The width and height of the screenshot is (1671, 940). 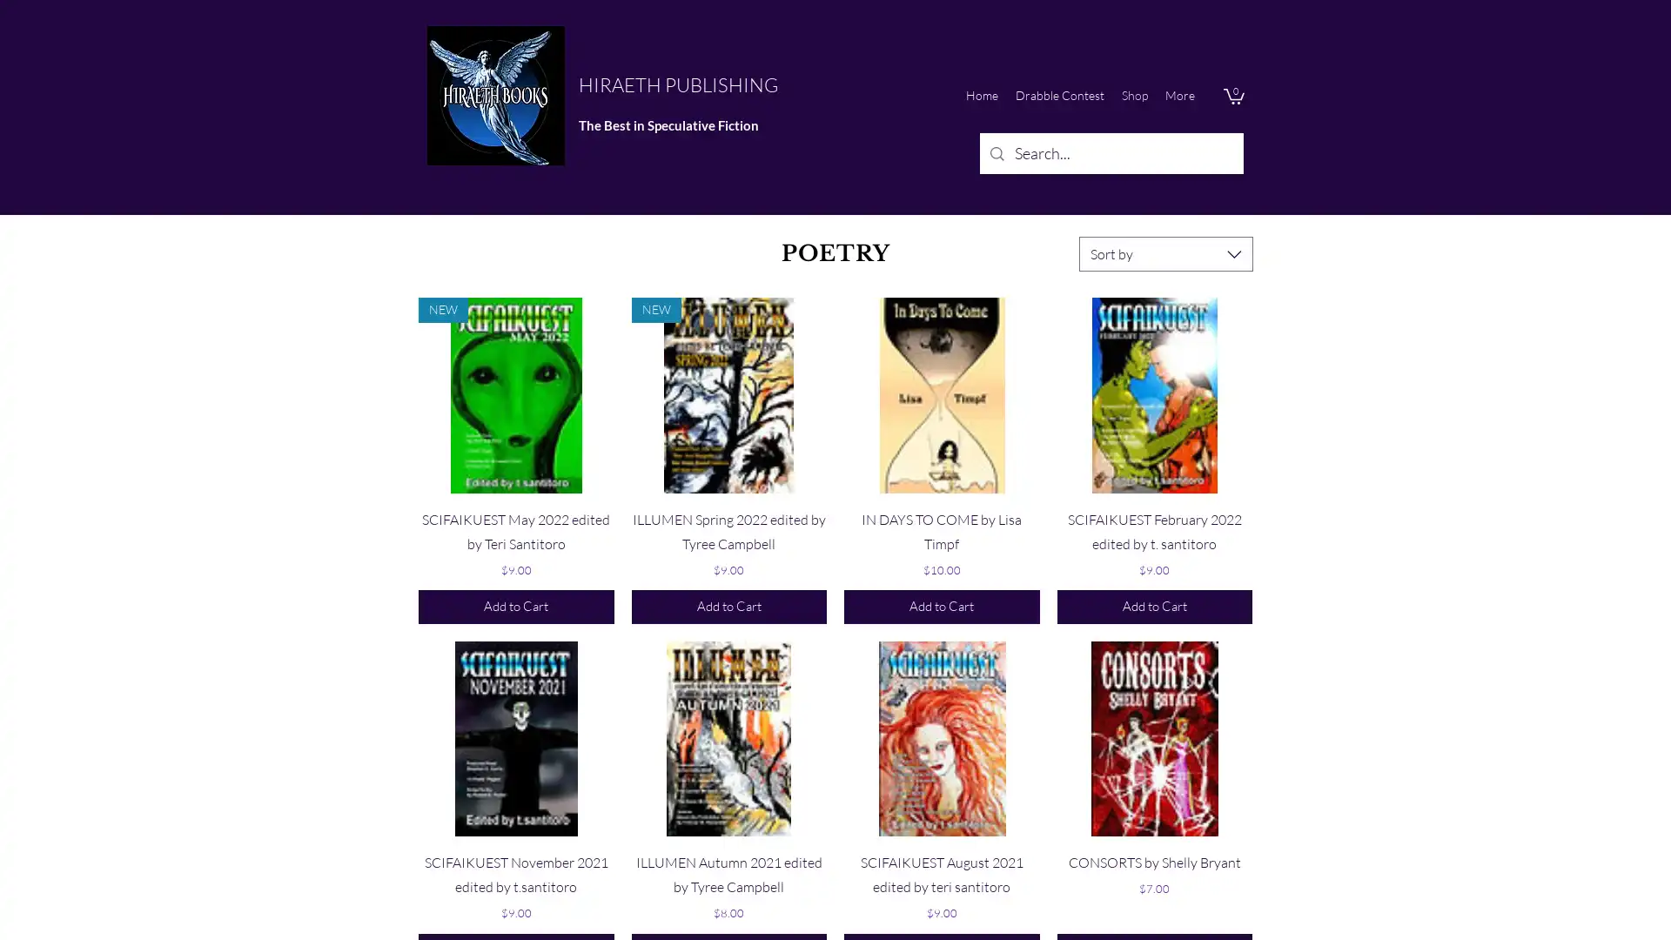 What do you see at coordinates (1232, 96) in the screenshot?
I see `Cart with 0 items` at bounding box center [1232, 96].